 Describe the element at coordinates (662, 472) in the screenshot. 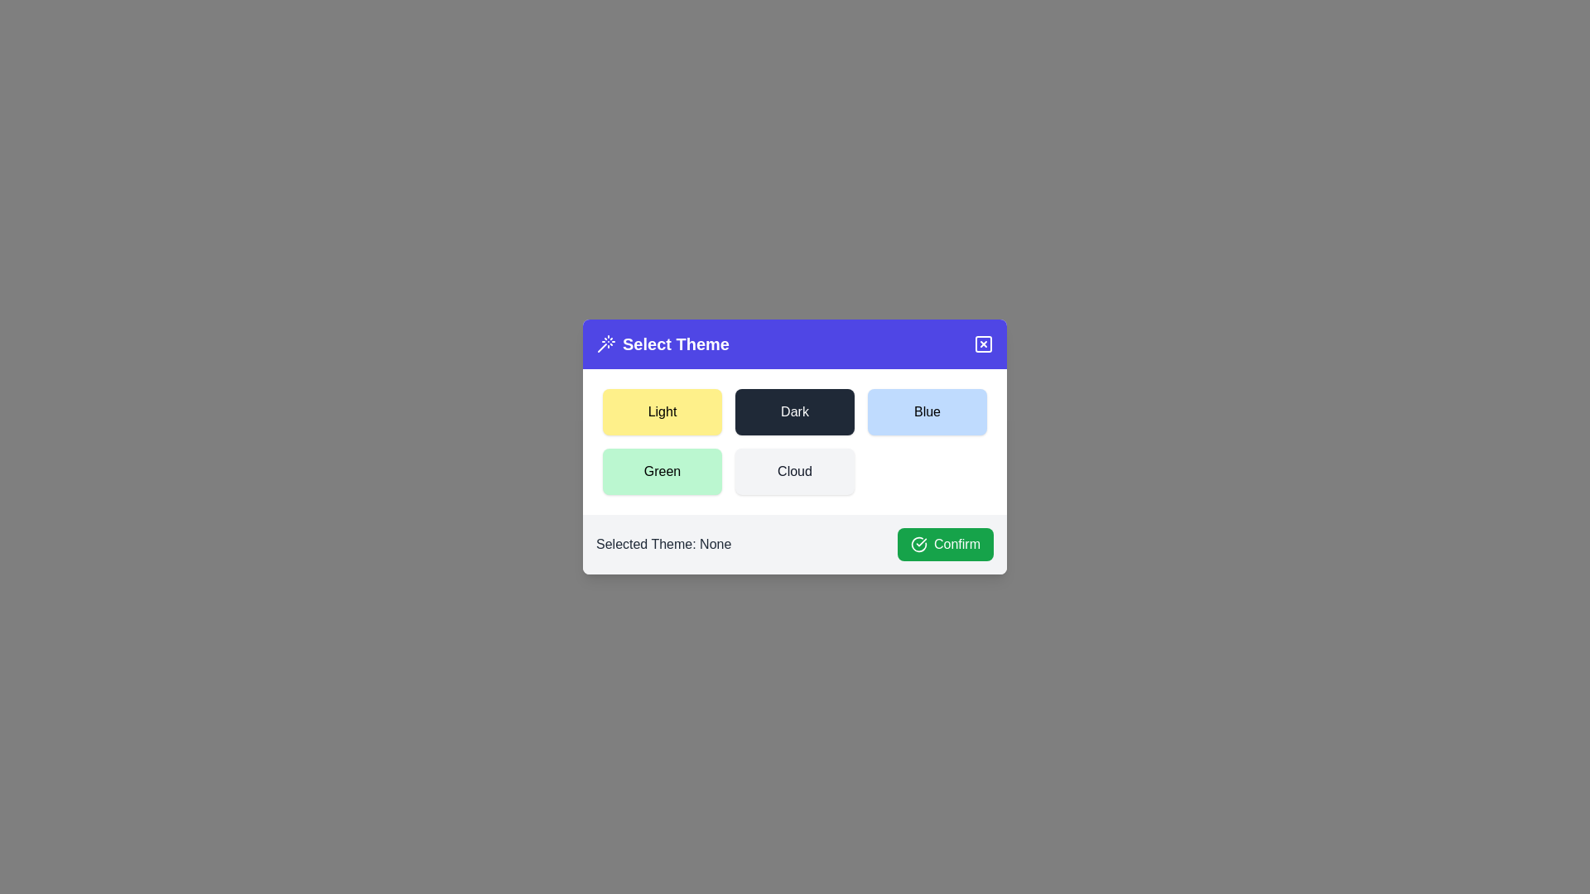

I see `the theme Green from the available options` at that location.